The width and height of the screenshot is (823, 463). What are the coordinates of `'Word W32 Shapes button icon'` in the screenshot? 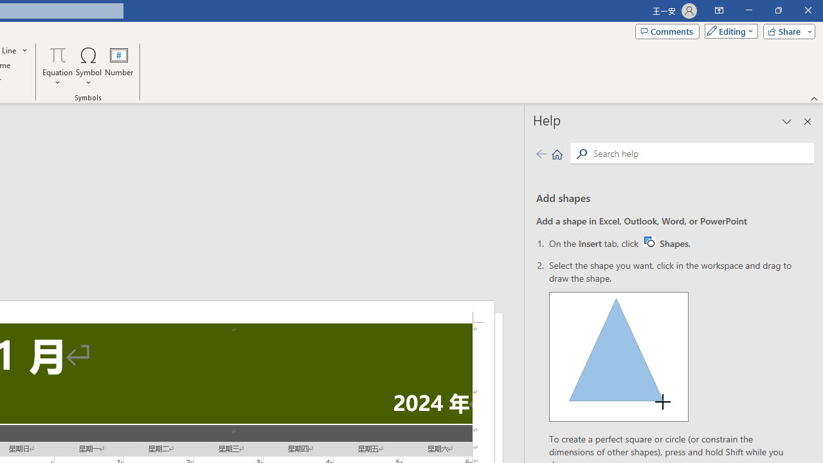 It's located at (649, 241).